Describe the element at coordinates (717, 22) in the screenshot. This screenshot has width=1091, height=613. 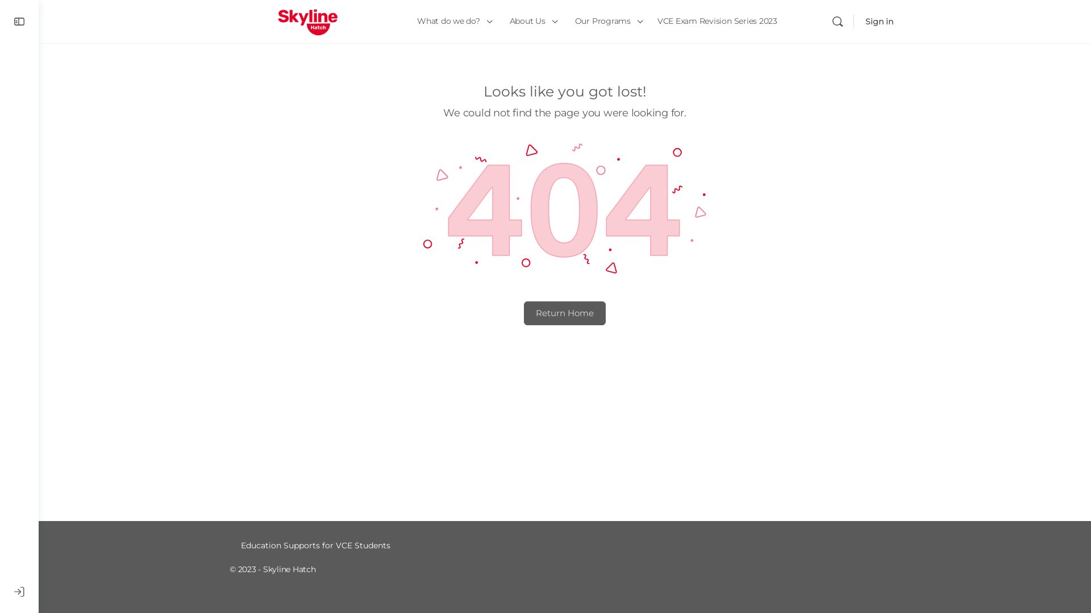
I see `'VCE Exam Revision Series 2023'` at that location.